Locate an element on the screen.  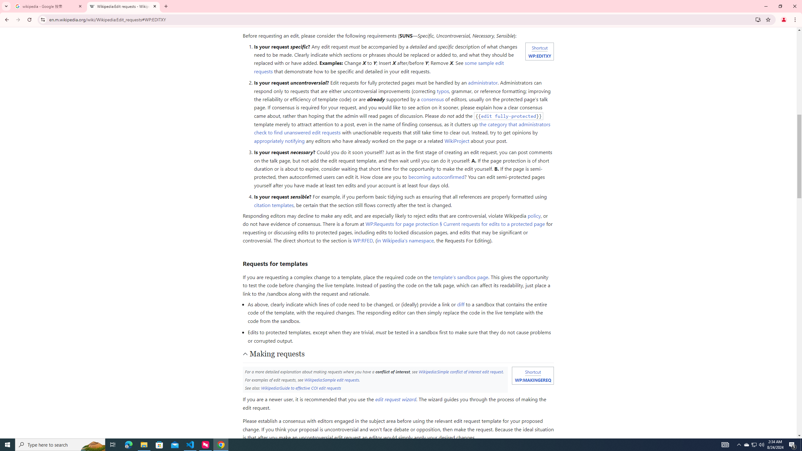
'citation templates' is located at coordinates (273, 205).